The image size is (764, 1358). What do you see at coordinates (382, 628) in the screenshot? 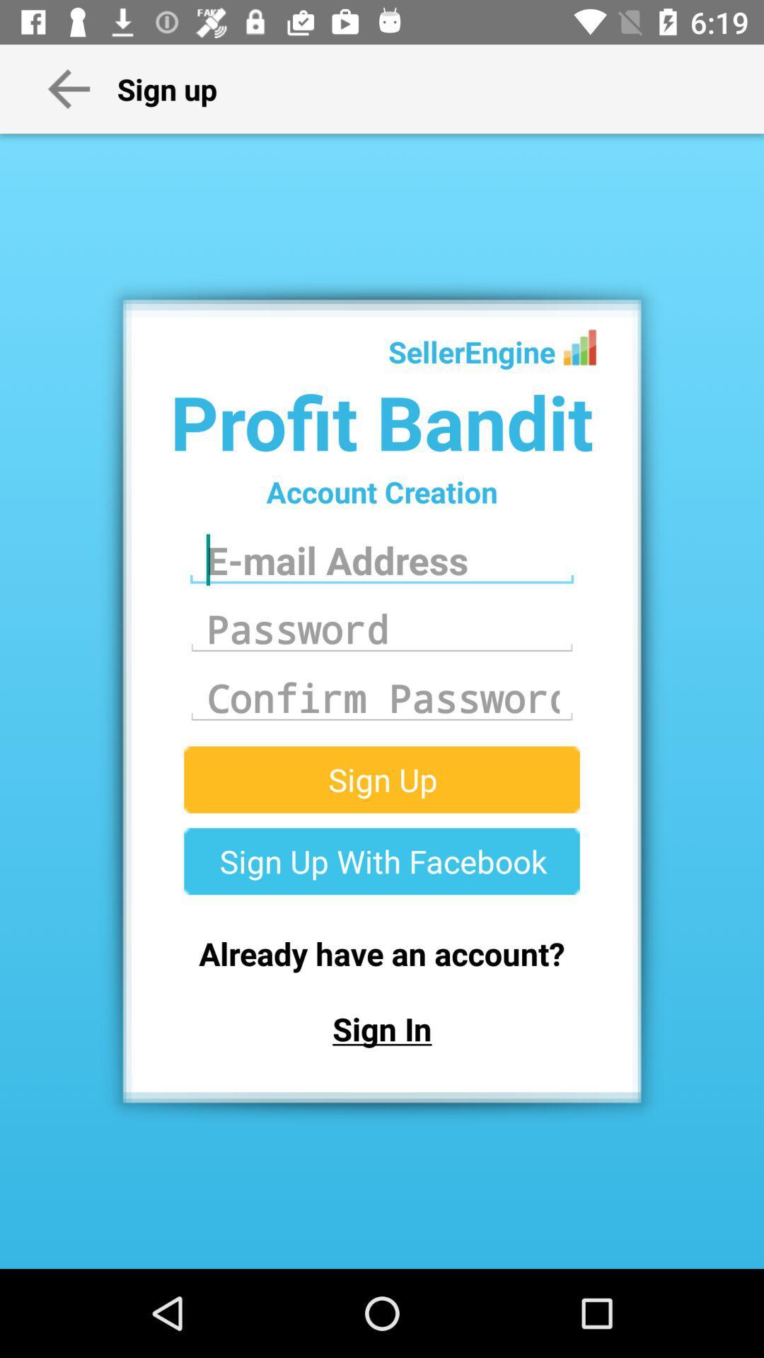
I see `the text field password` at bounding box center [382, 628].